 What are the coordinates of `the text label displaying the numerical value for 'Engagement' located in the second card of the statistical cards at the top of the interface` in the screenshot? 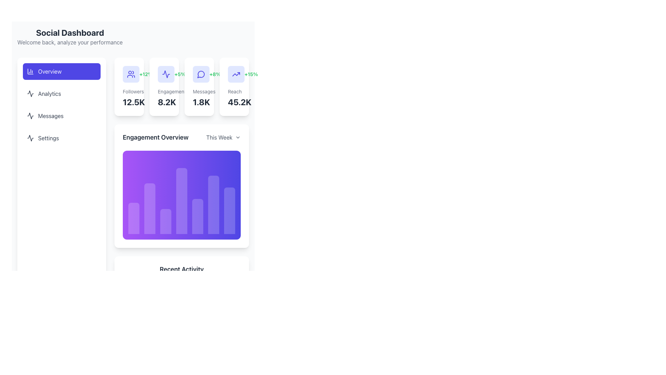 It's located at (164, 102).